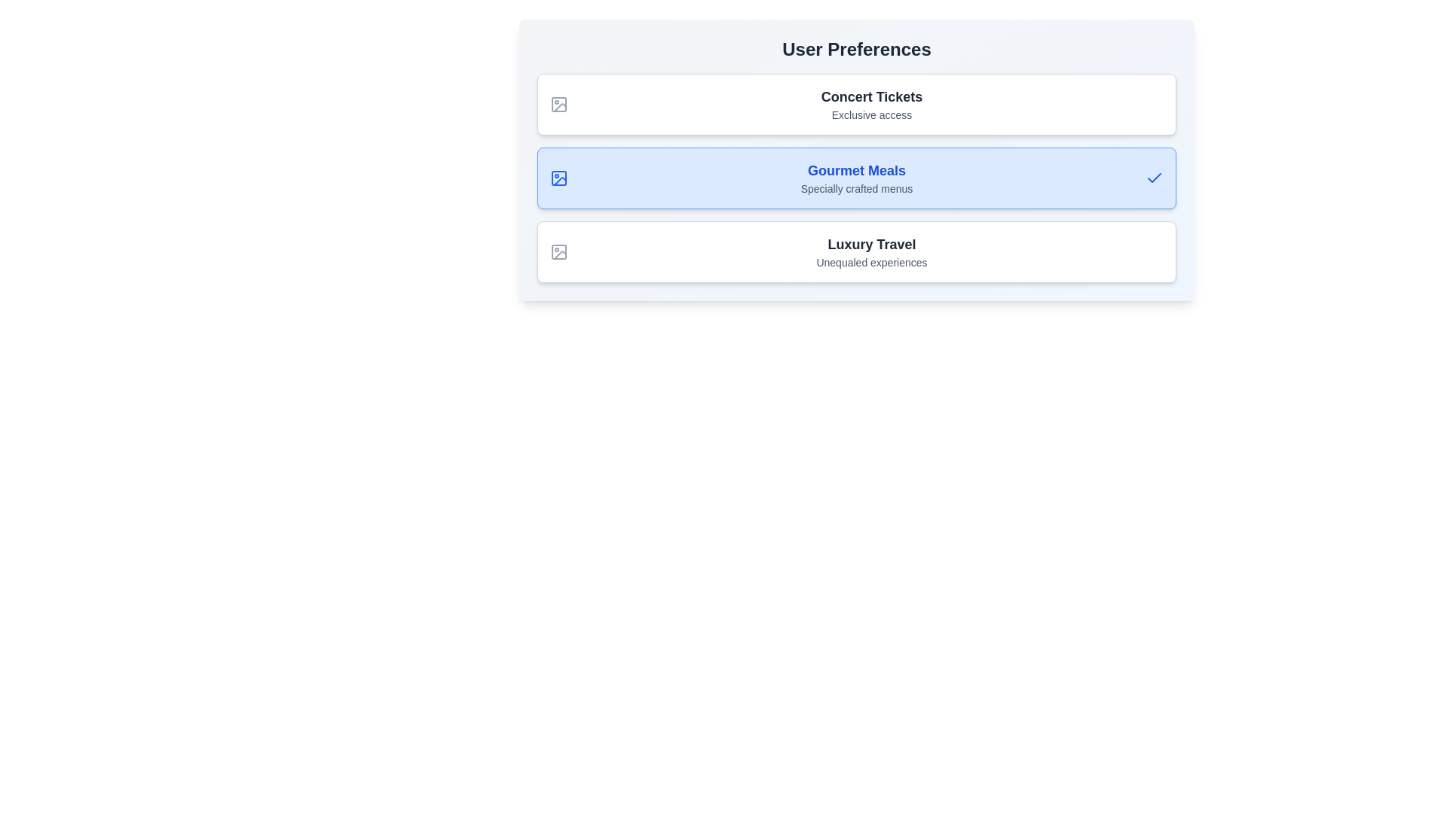 This screenshot has height=813, width=1447. I want to click on the preference item Concert Tickets, so click(857, 103).